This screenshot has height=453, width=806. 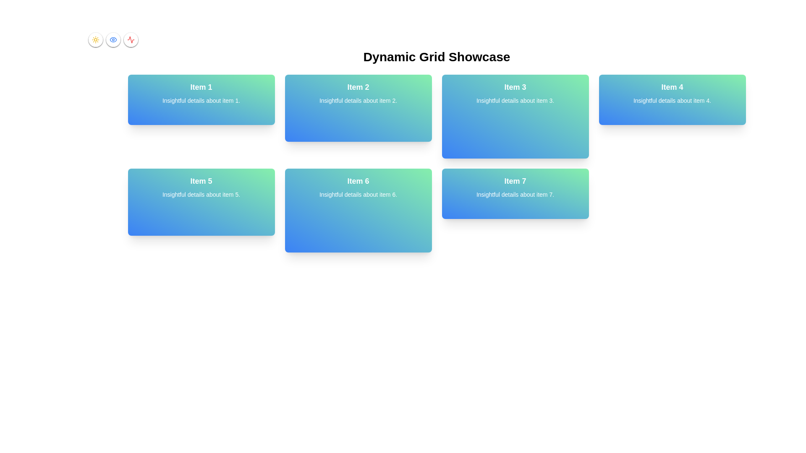 I want to click on the static text element that provides additional information about 'Item 4', located in the lower section of the card in the top row, fourth from the left, so click(x=672, y=100).